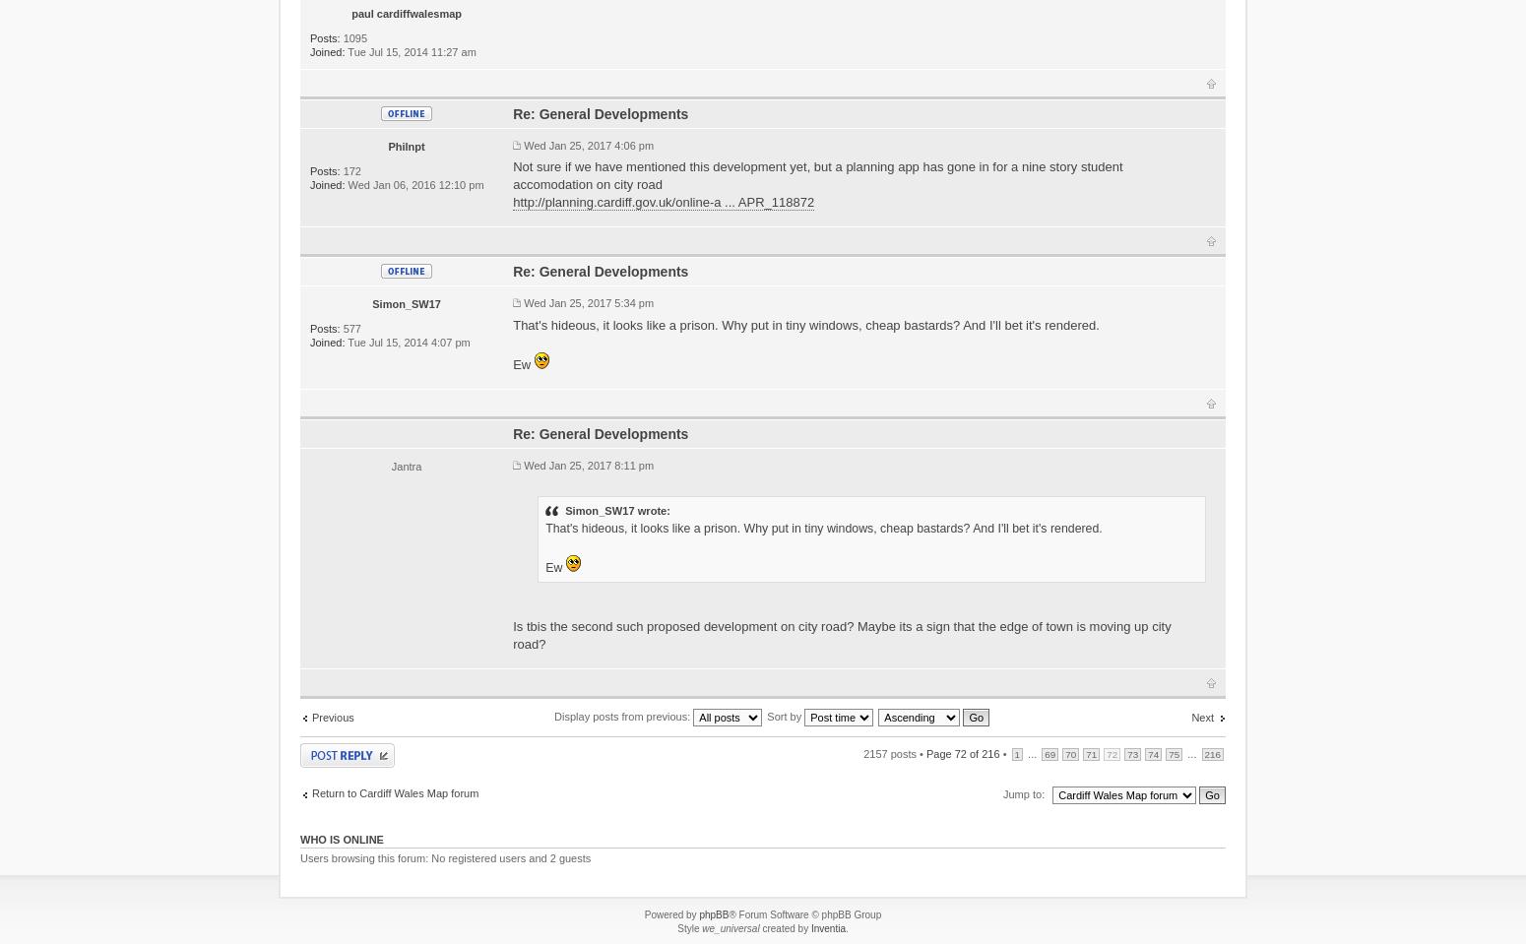  Describe the element at coordinates (938, 752) in the screenshot. I see `'Page'` at that location.